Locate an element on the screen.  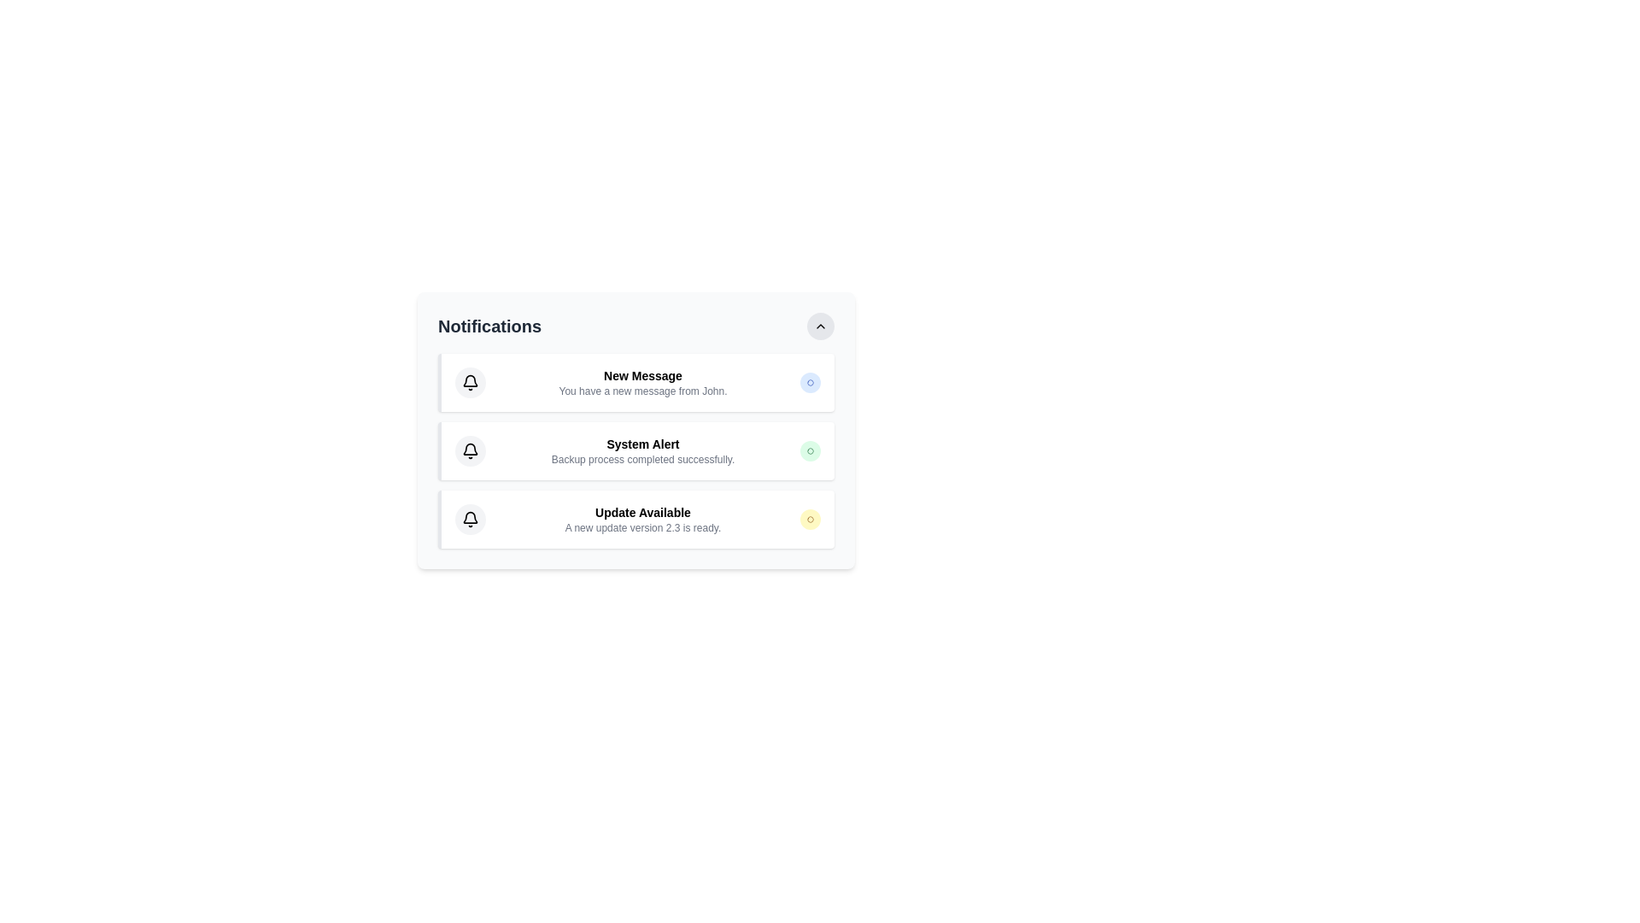
the circular badge with a yellow background located in the bottom right corner of the 'Update Available' notification listing is located at coordinates (810, 519).